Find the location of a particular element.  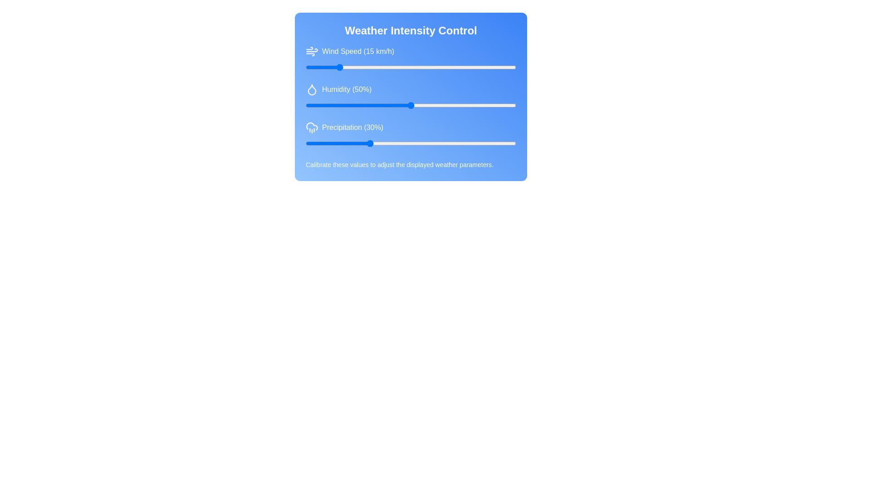

the humidity is located at coordinates (347, 105).